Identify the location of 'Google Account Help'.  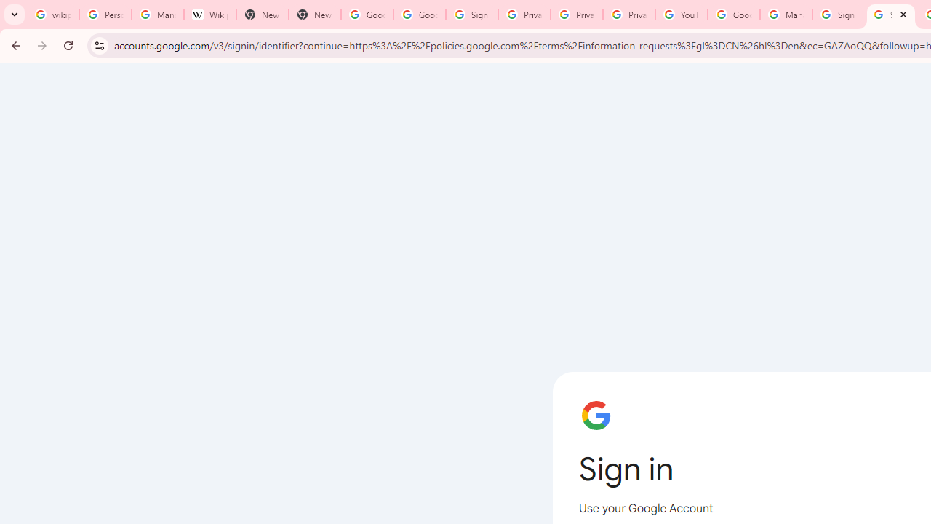
(733, 15).